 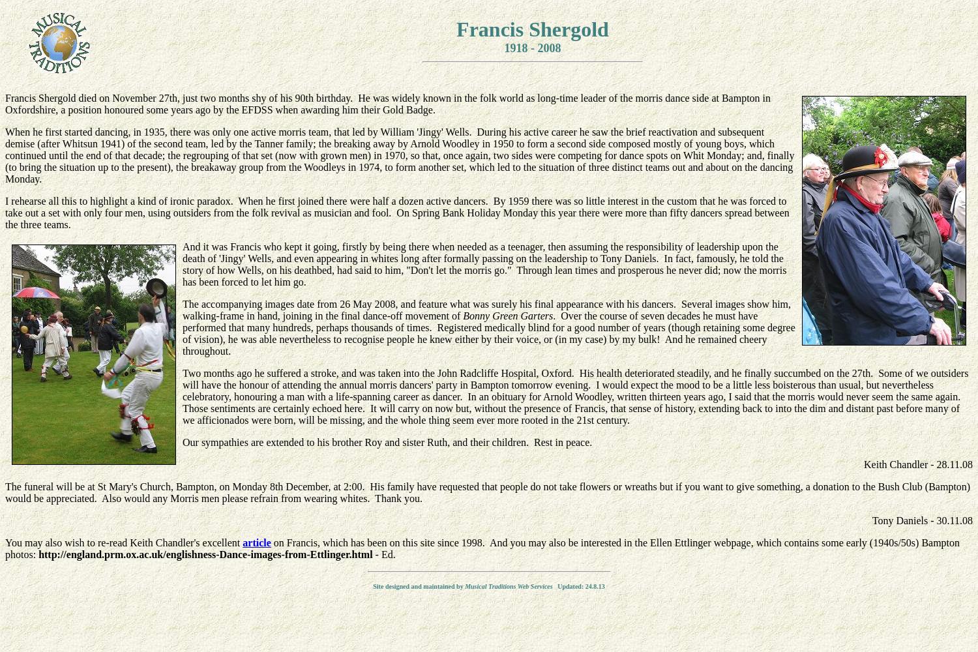 What do you see at coordinates (488, 333) in the screenshot?
I see `'.  Over the course of seven decades he must have performed that many hundreds, perhaps thousands of times.  Registered medically blind for a good number of years (though retaining some degree of vision), he was able nevertheless to recognise people he knew either by their voice, or (in my case) by my bulk!  And he remained cheery throughout.'` at bounding box center [488, 333].